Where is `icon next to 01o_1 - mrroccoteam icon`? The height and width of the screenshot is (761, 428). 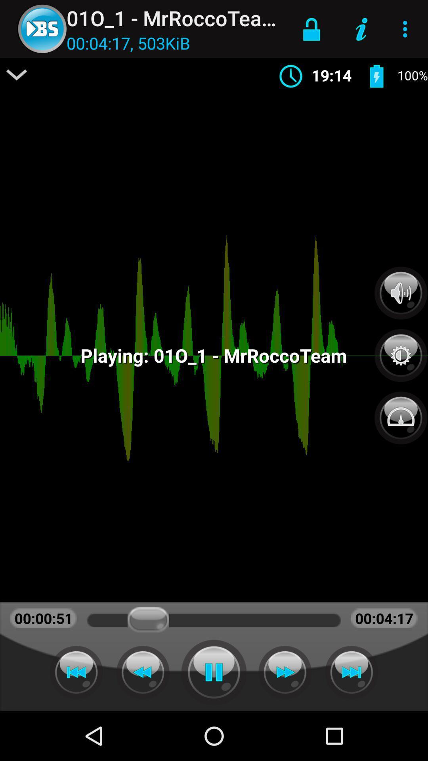 icon next to 01o_1 - mrroccoteam icon is located at coordinates (311, 29).